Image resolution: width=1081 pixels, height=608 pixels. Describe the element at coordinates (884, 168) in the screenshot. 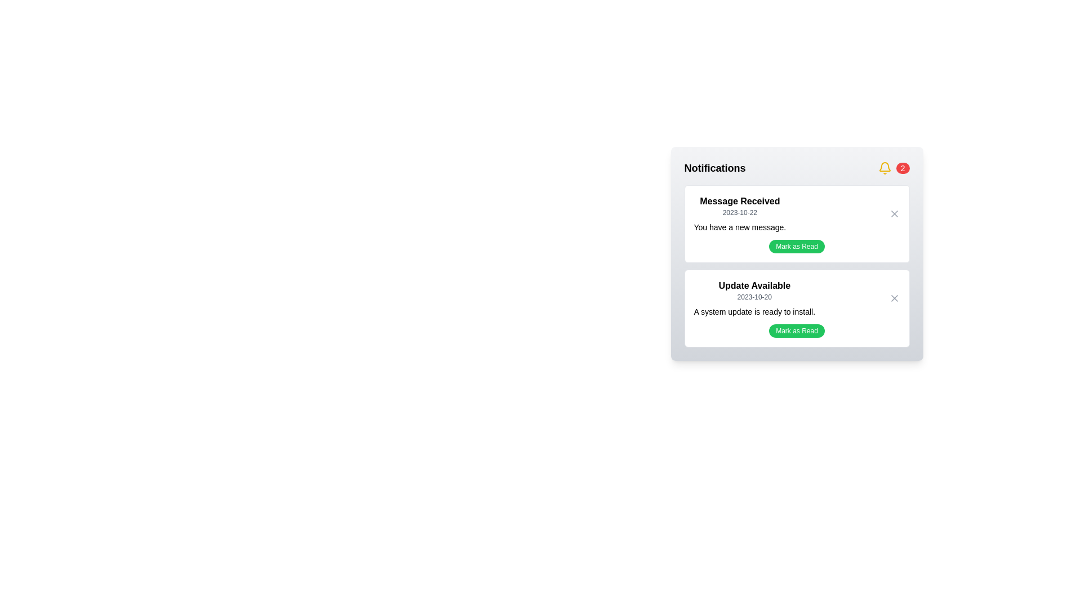

I see `the yellow bell icon` at that location.